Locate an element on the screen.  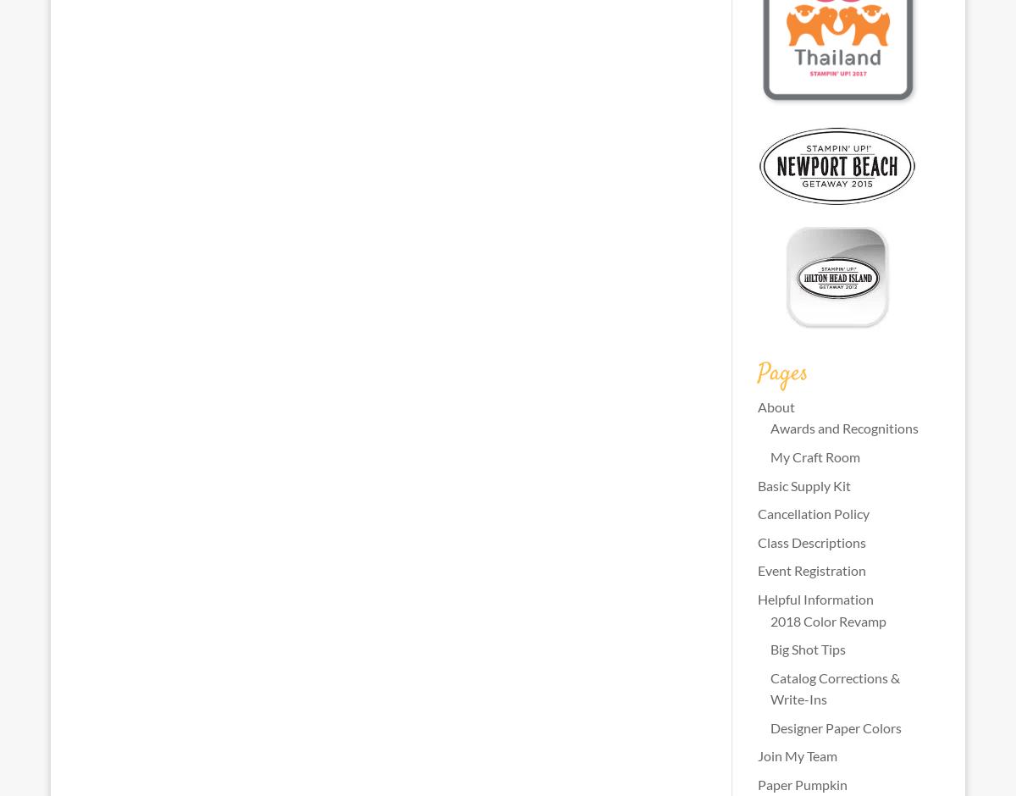
'Big Shot Tips' is located at coordinates (769, 648).